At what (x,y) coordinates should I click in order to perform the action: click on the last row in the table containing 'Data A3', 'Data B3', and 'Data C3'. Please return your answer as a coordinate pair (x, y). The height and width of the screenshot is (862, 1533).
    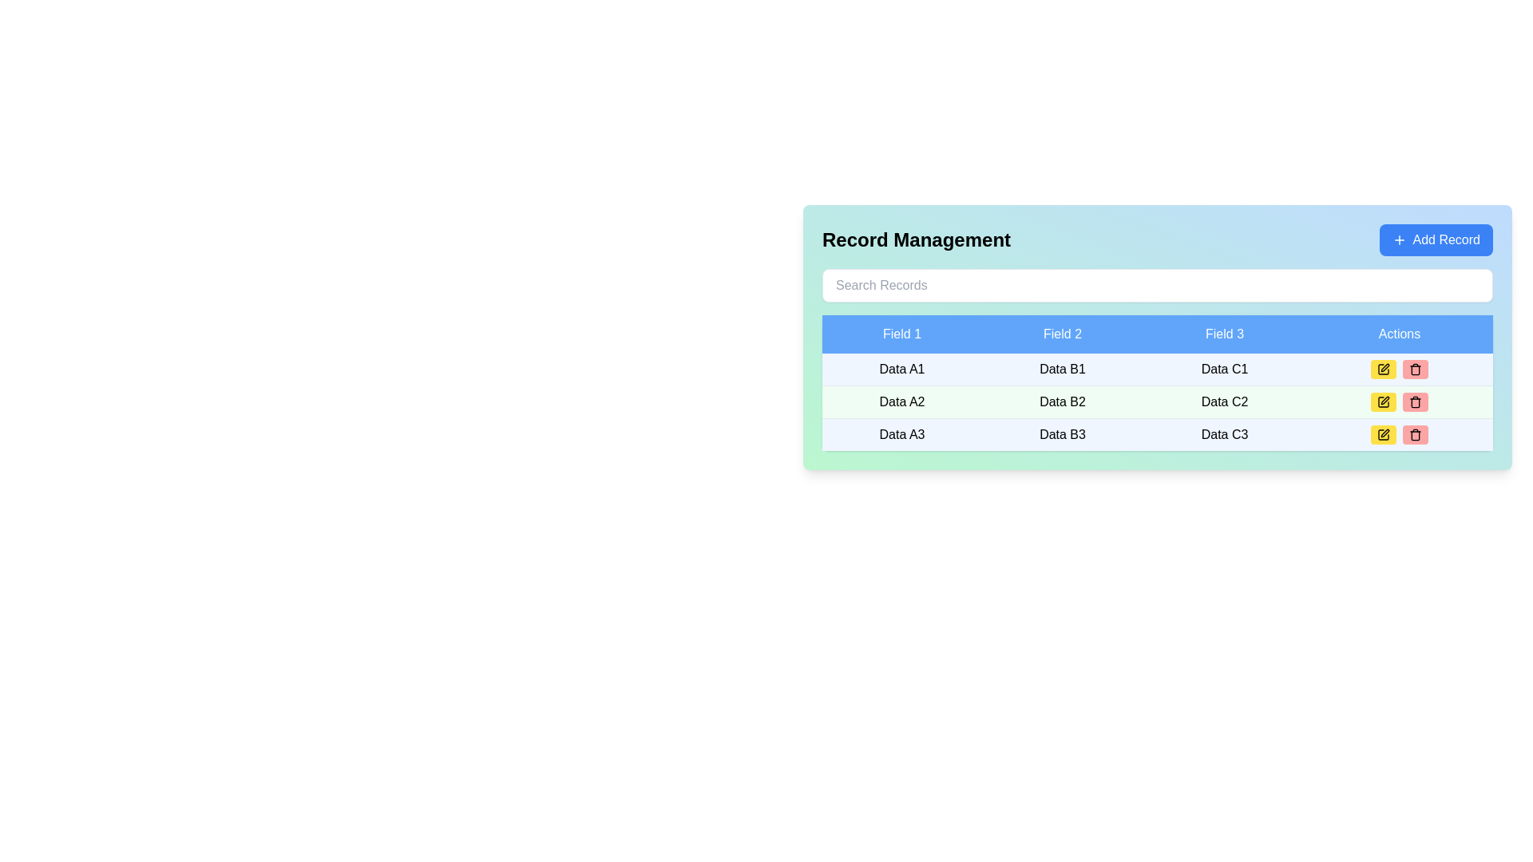
    Looking at the image, I should click on (1157, 433).